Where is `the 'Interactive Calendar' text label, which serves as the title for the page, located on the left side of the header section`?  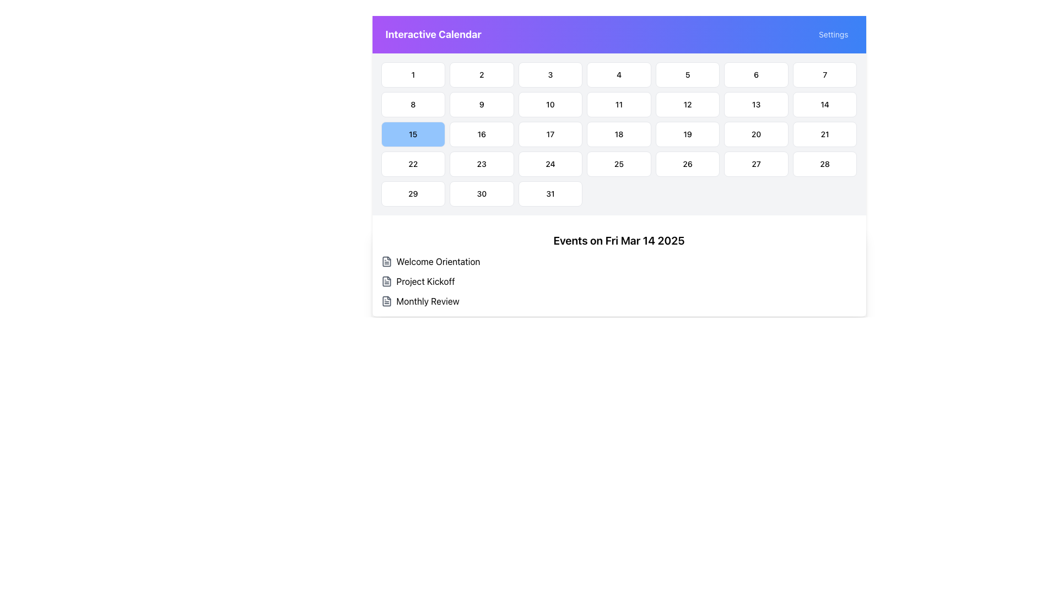 the 'Interactive Calendar' text label, which serves as the title for the page, located on the left side of the header section is located at coordinates (433, 34).